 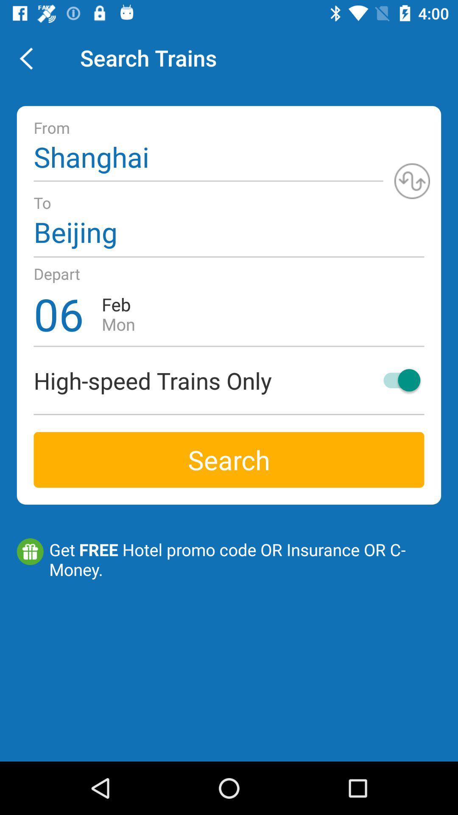 What do you see at coordinates (398, 379) in the screenshot?
I see `on-off high-speed trains only` at bounding box center [398, 379].